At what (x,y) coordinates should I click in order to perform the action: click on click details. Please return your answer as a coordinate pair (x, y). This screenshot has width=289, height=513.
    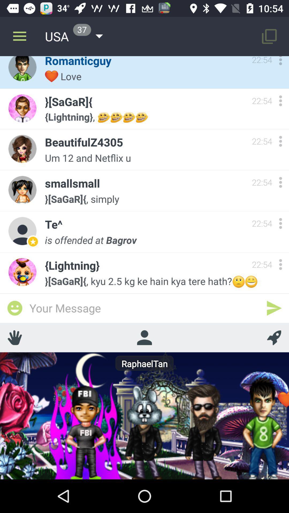
    Looking at the image, I should click on (280, 264).